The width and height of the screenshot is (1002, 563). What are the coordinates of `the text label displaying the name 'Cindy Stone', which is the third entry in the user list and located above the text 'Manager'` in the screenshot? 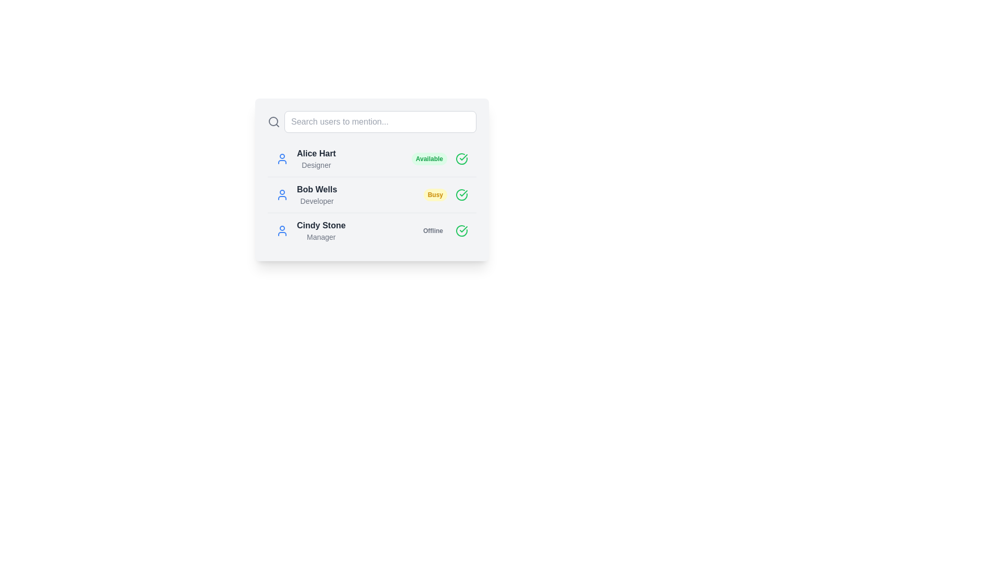 It's located at (320, 225).